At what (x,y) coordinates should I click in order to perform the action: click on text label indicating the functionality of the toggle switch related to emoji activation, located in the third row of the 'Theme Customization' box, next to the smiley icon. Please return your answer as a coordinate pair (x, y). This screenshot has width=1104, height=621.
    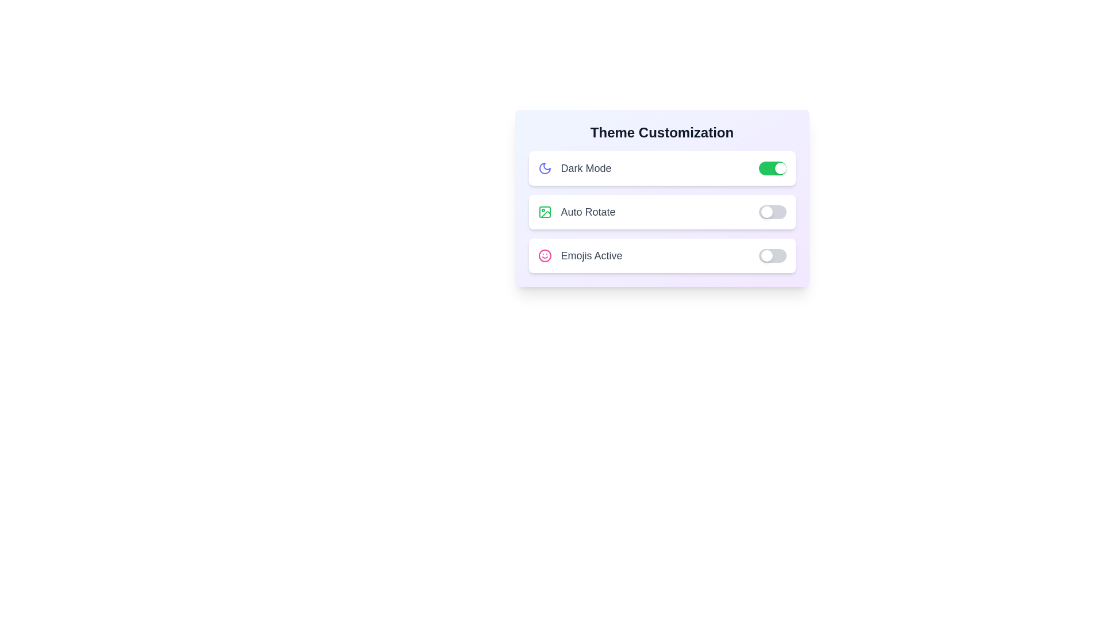
    Looking at the image, I should click on (591, 255).